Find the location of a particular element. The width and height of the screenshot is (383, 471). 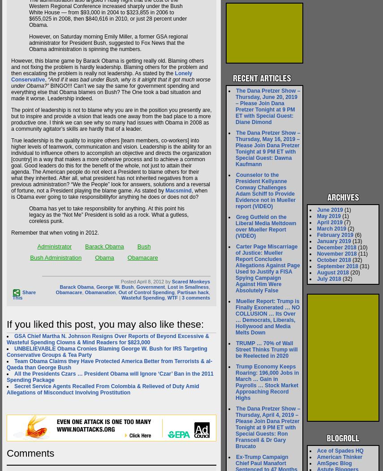

'June 2019' is located at coordinates (329, 210).